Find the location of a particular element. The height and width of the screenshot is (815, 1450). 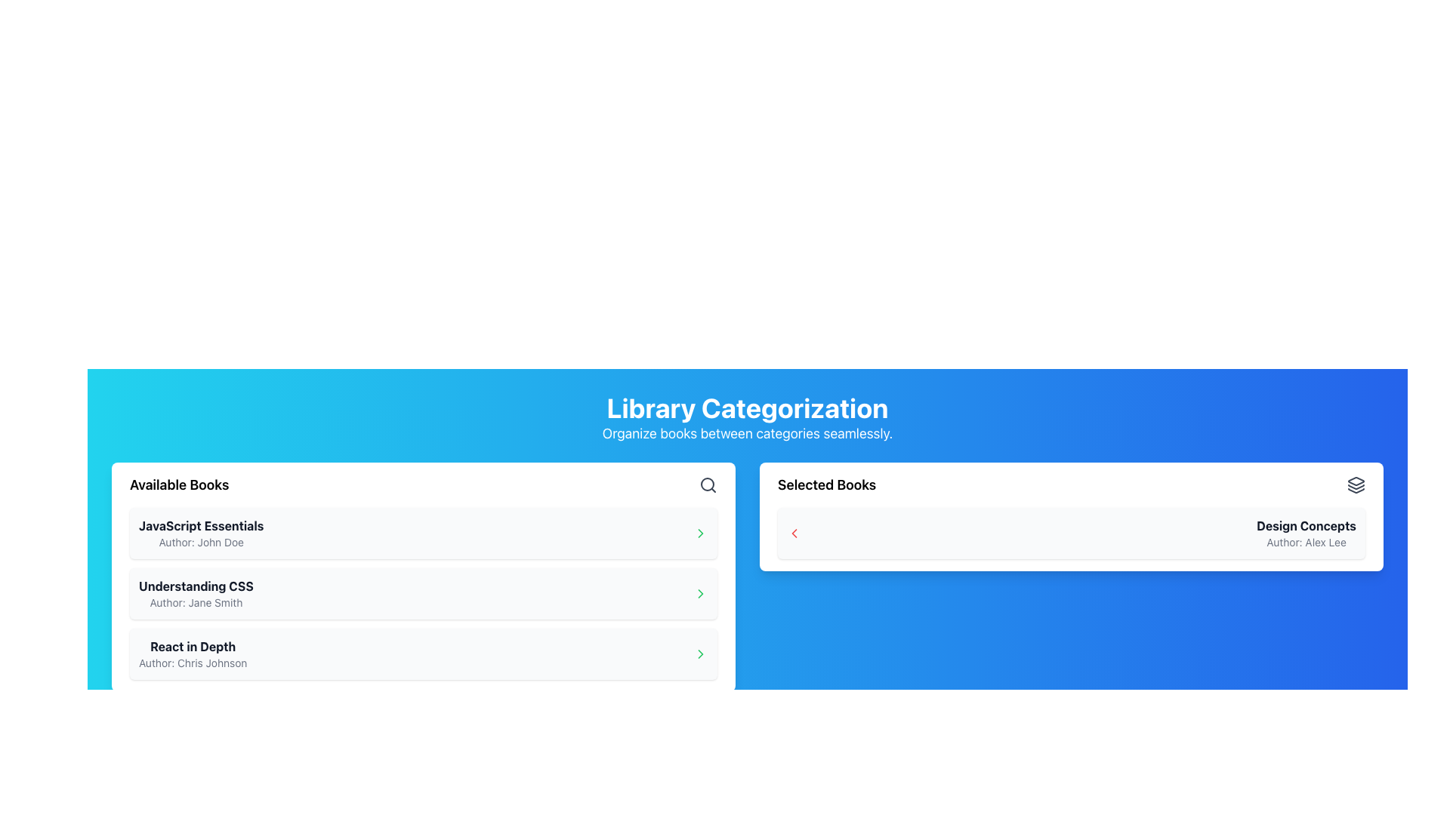

the right-facing chevron icon styled in green, located at the far-right end of the 'Understanding CSS' row with 'Author: Jane Smith' underneath is located at coordinates (699, 592).